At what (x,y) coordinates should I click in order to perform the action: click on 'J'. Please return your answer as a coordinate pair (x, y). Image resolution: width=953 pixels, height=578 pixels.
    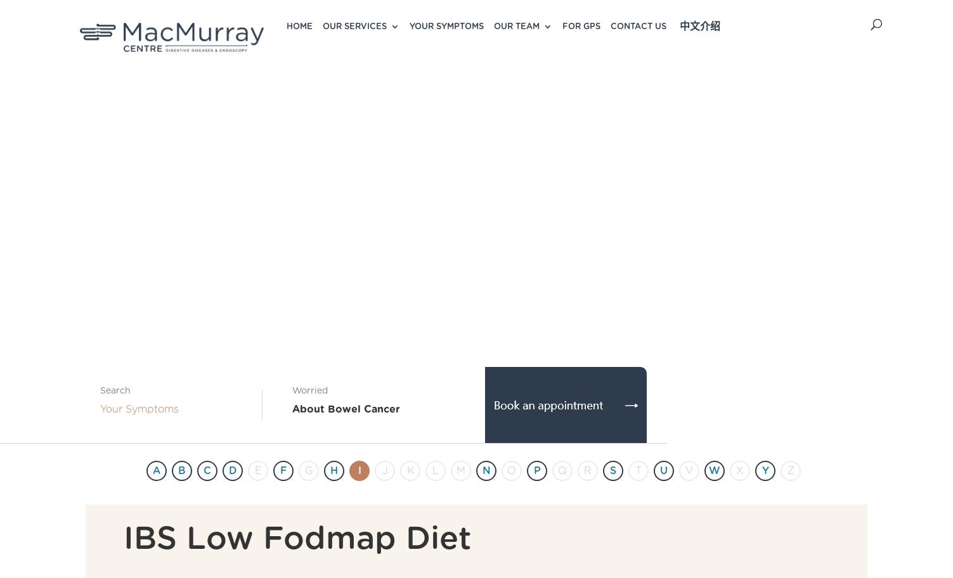
    Looking at the image, I should click on (380, 470).